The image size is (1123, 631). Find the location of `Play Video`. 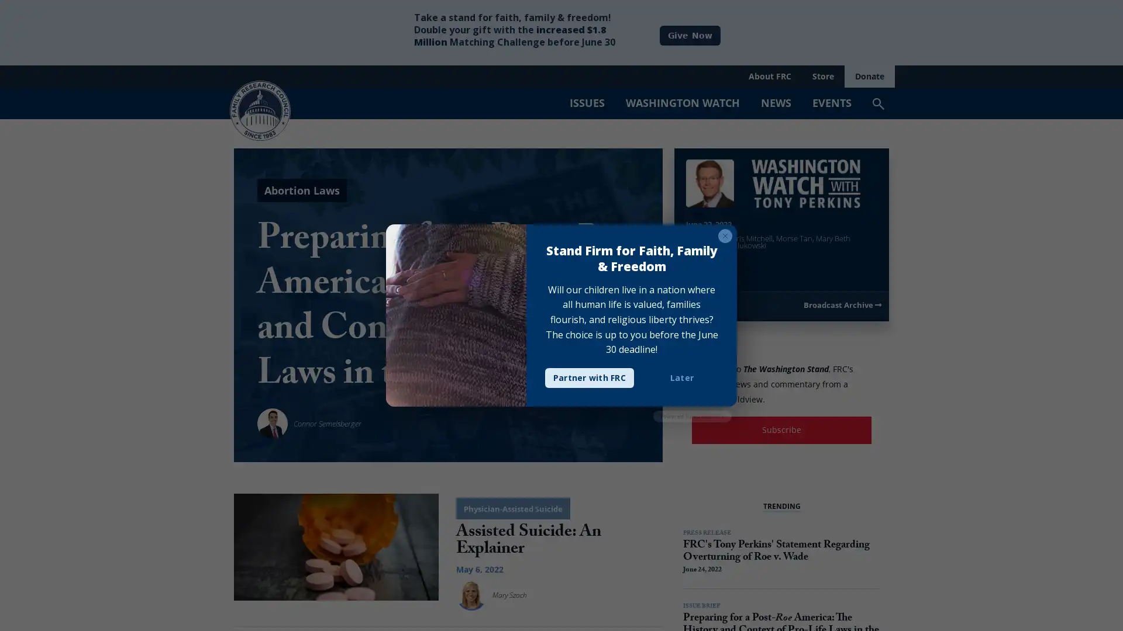

Play Video is located at coordinates (697, 266).